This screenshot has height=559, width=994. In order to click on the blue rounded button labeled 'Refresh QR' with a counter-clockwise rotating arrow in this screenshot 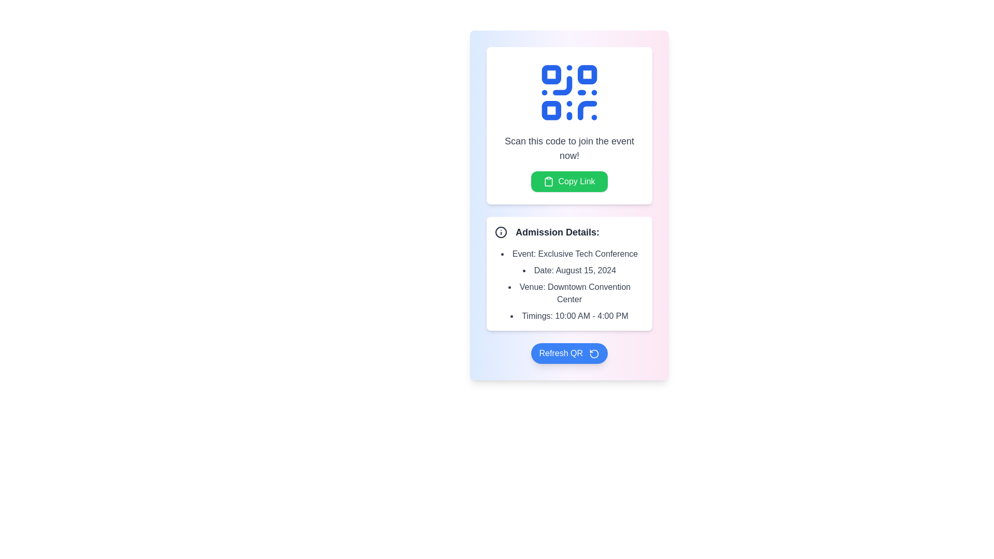, I will do `click(568, 352)`.